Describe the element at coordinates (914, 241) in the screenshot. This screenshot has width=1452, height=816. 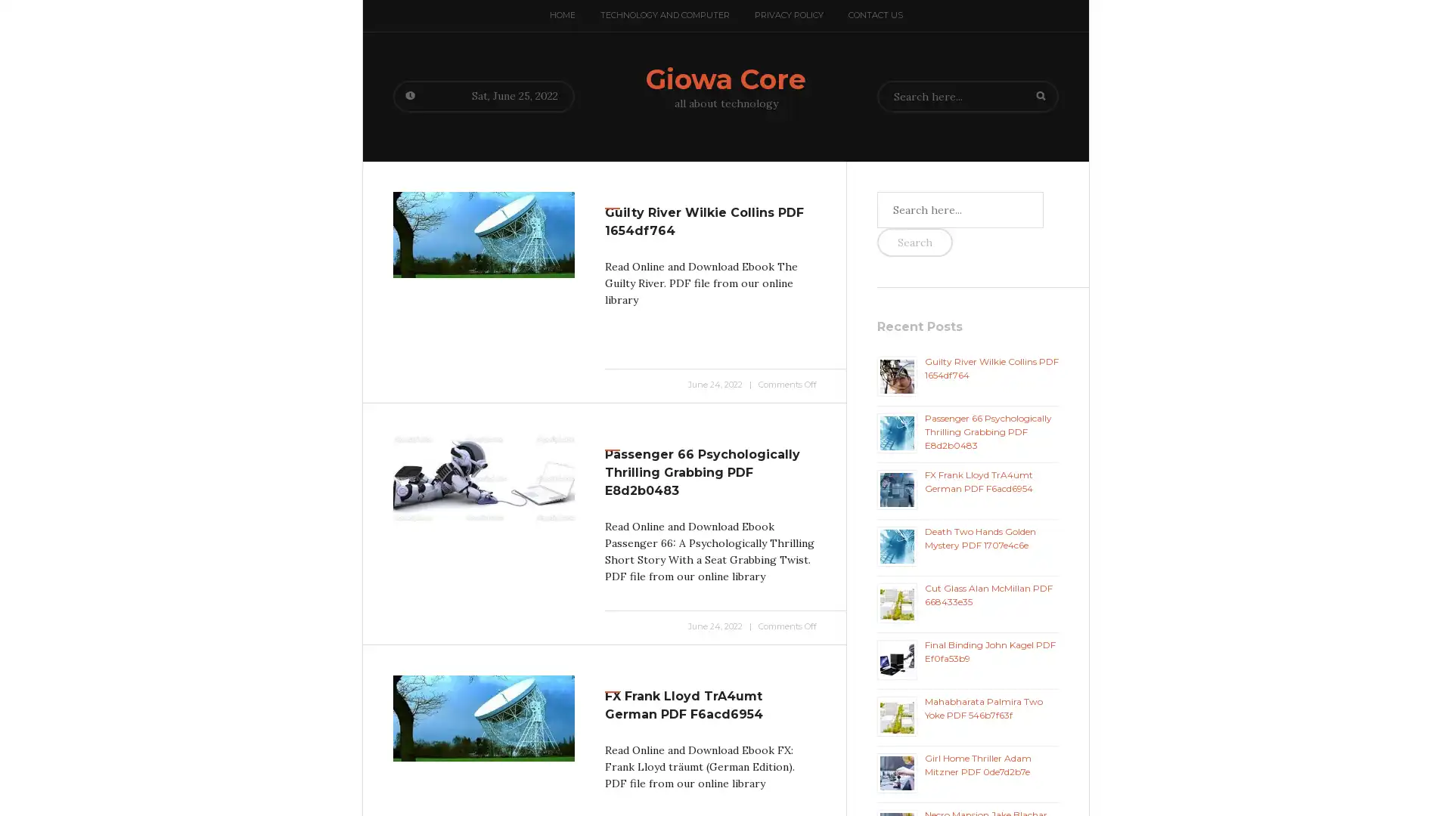
I see `Search` at that location.